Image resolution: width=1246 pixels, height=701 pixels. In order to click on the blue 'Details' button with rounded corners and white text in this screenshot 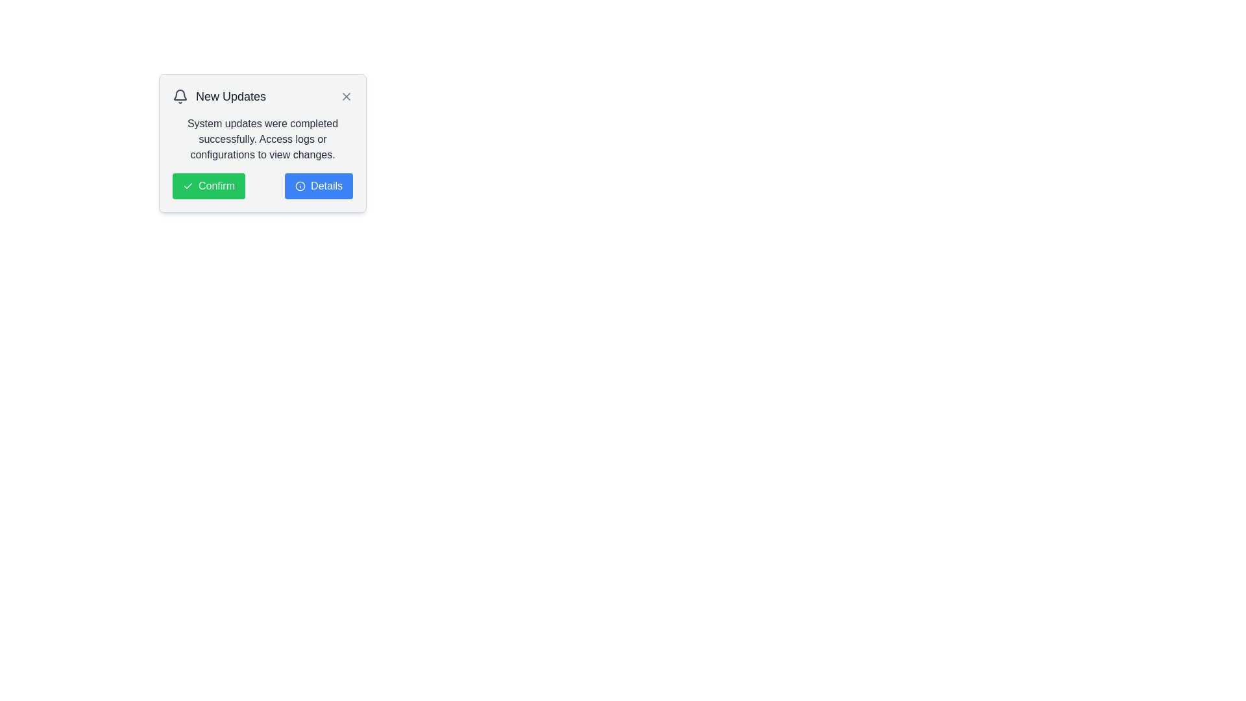, I will do `click(319, 186)`.